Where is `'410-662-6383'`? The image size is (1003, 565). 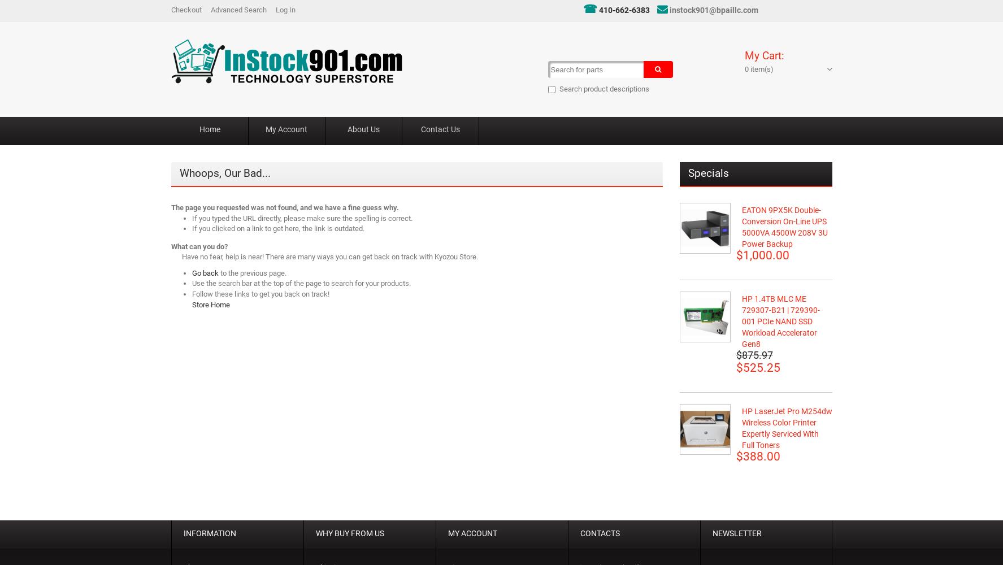
'410-662-6383' is located at coordinates (624, 10).